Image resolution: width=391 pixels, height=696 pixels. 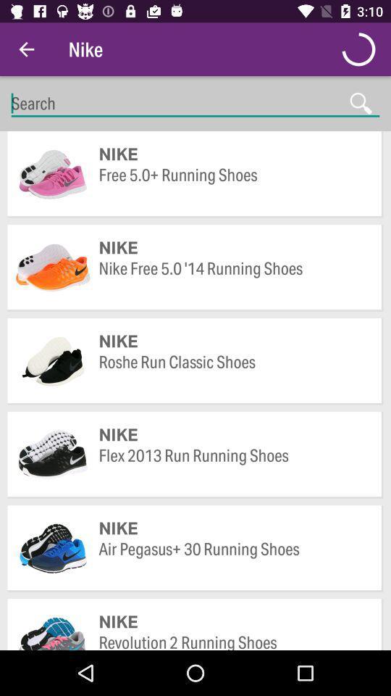 What do you see at coordinates (26, 49) in the screenshot?
I see `icon to the left of nike icon` at bounding box center [26, 49].